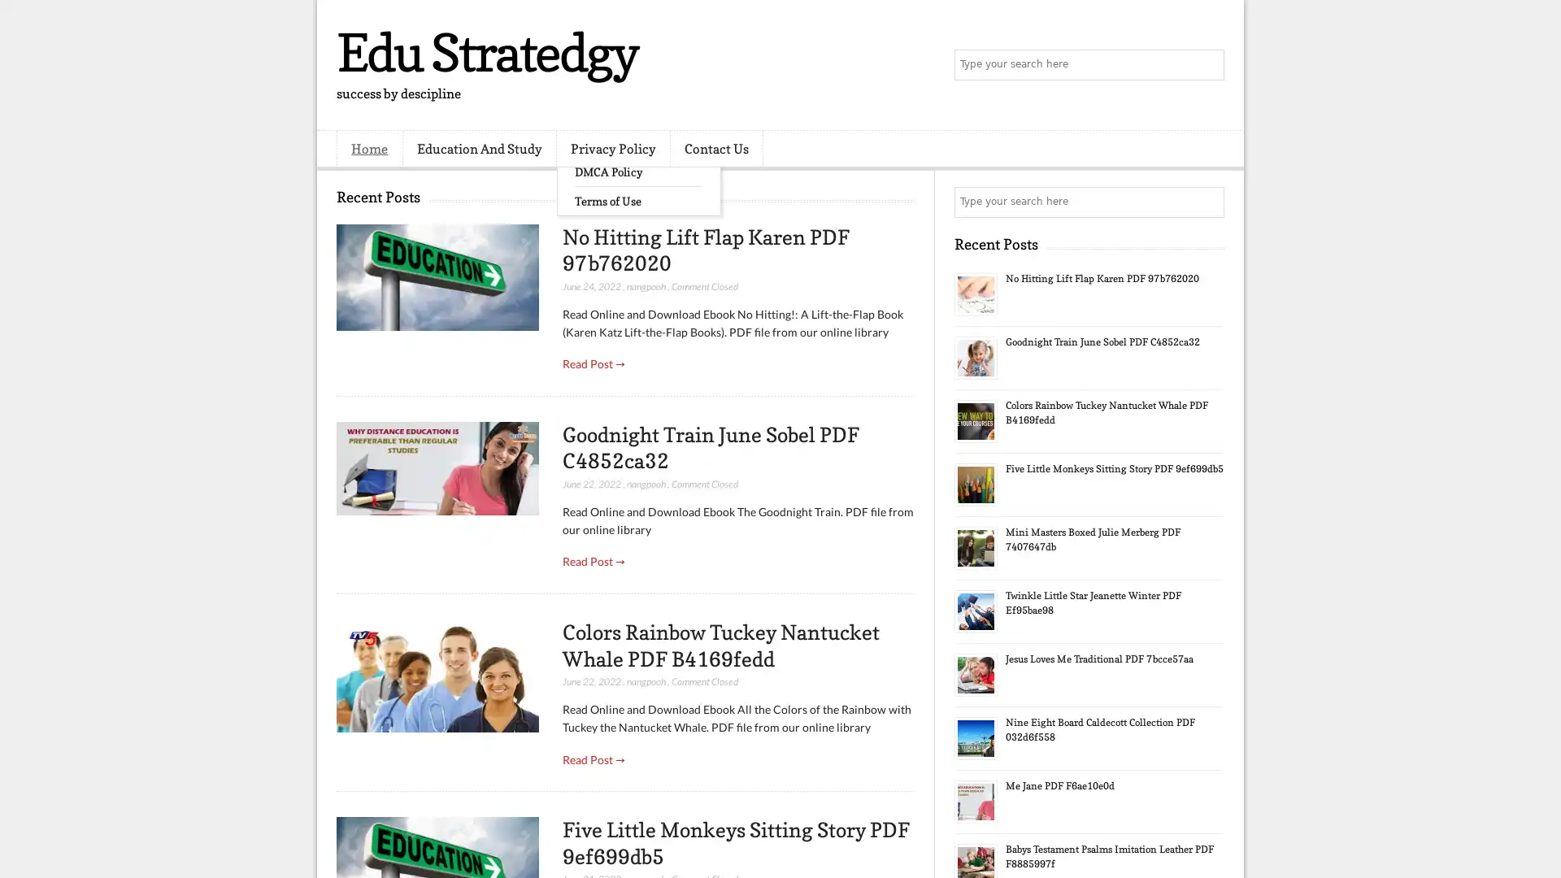  What do you see at coordinates (1207, 65) in the screenshot?
I see `Search` at bounding box center [1207, 65].